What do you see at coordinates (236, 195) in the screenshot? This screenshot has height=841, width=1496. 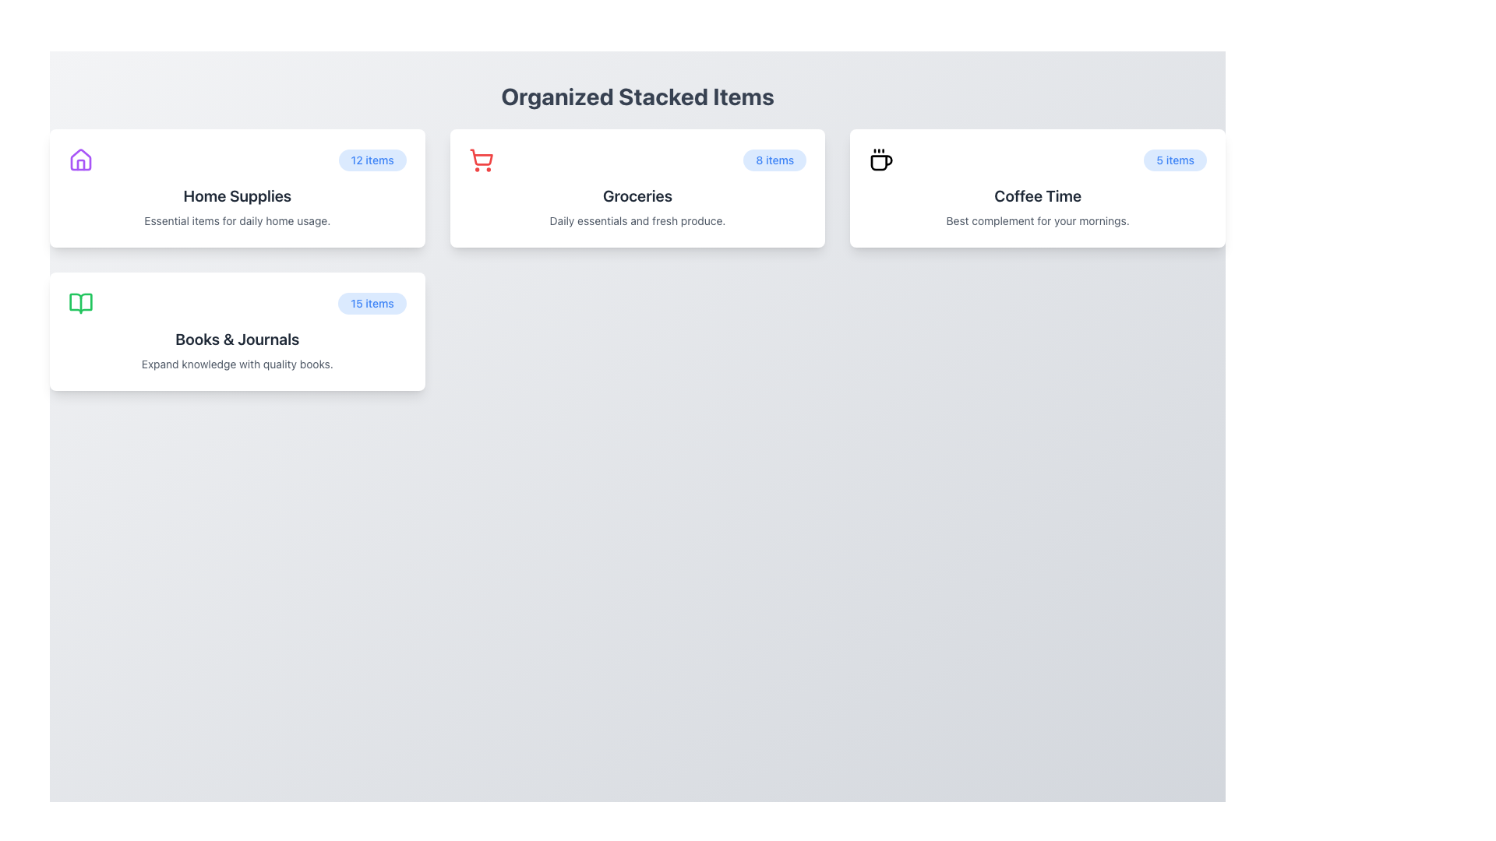 I see `text label that displays 'Home Supplies', which is prominently styled in bold dark gray and located centrally in the first card of the grid layout, positioned below the '12 items' badge` at bounding box center [236, 195].